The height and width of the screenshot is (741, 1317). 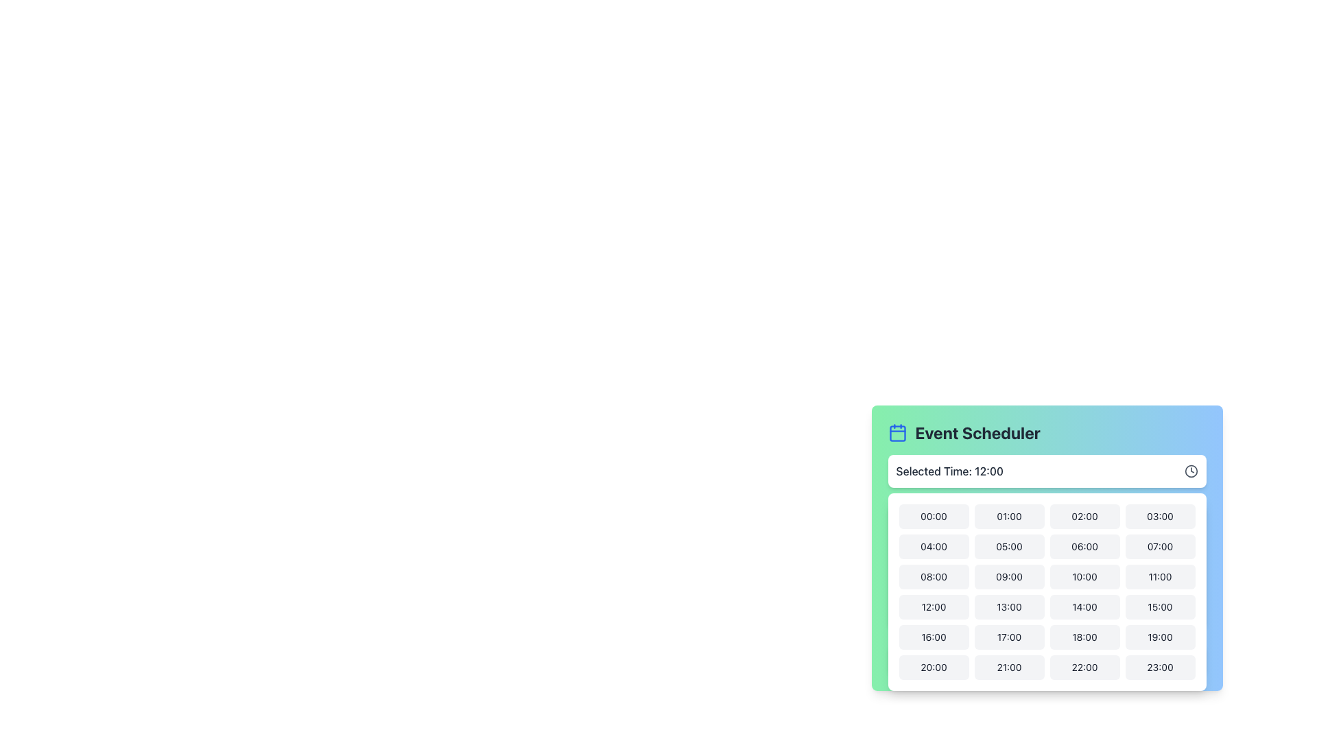 What do you see at coordinates (1009, 576) in the screenshot?
I see `the interactive button in the second column of the third row of the event scheduling interface` at bounding box center [1009, 576].